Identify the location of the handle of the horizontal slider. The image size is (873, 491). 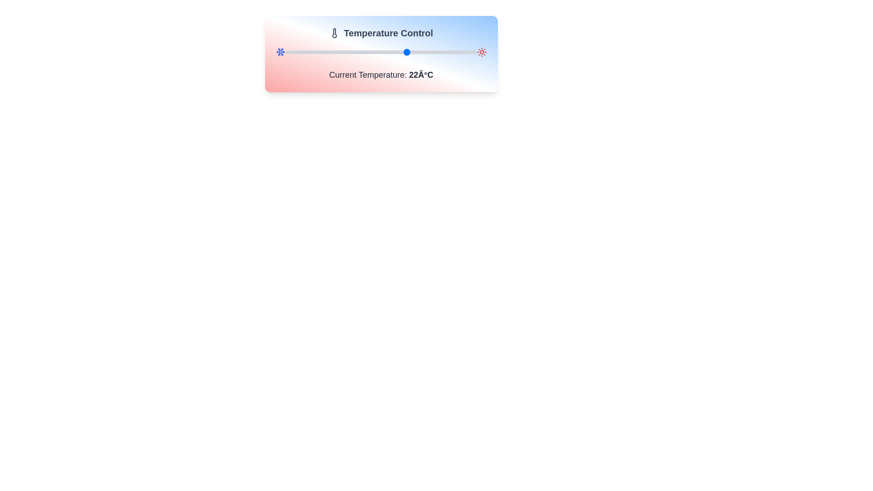
(381, 52).